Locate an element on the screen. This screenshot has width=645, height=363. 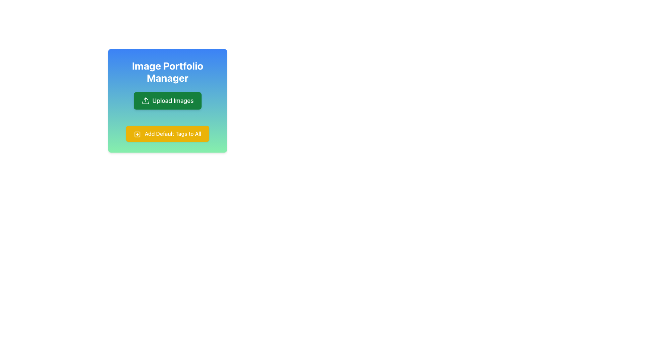
the green 'Upload Images' button with a left-aligned upward arrow icon, positioned below the 'Image Portfolio Manager' title is located at coordinates (168, 101).